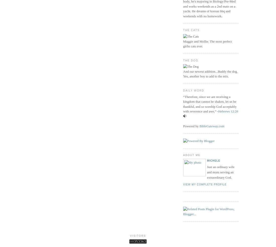 The image size is (276, 247). What do you see at coordinates (130, 235) in the screenshot?
I see `'Visitors'` at bounding box center [130, 235].